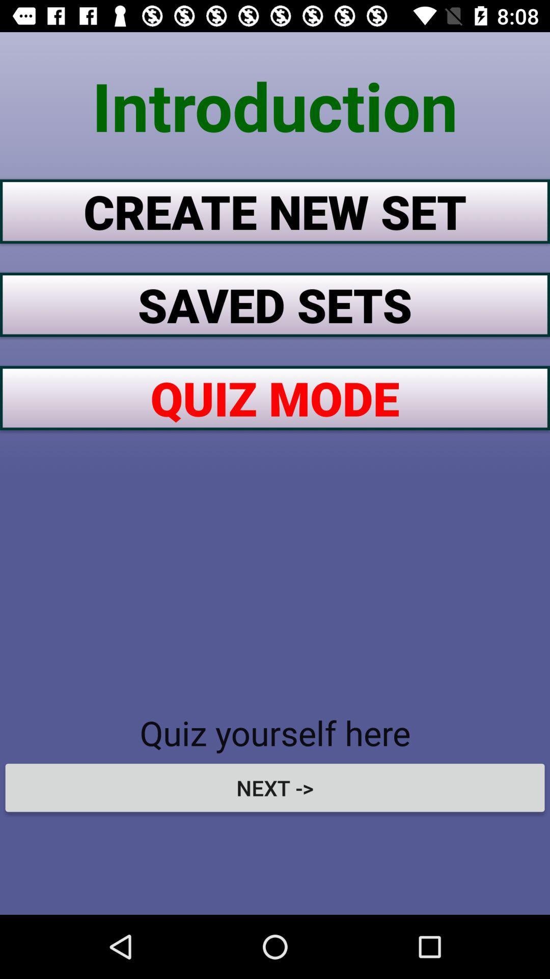  Describe the element at coordinates (275, 397) in the screenshot. I see `item below the saved sets item` at that location.